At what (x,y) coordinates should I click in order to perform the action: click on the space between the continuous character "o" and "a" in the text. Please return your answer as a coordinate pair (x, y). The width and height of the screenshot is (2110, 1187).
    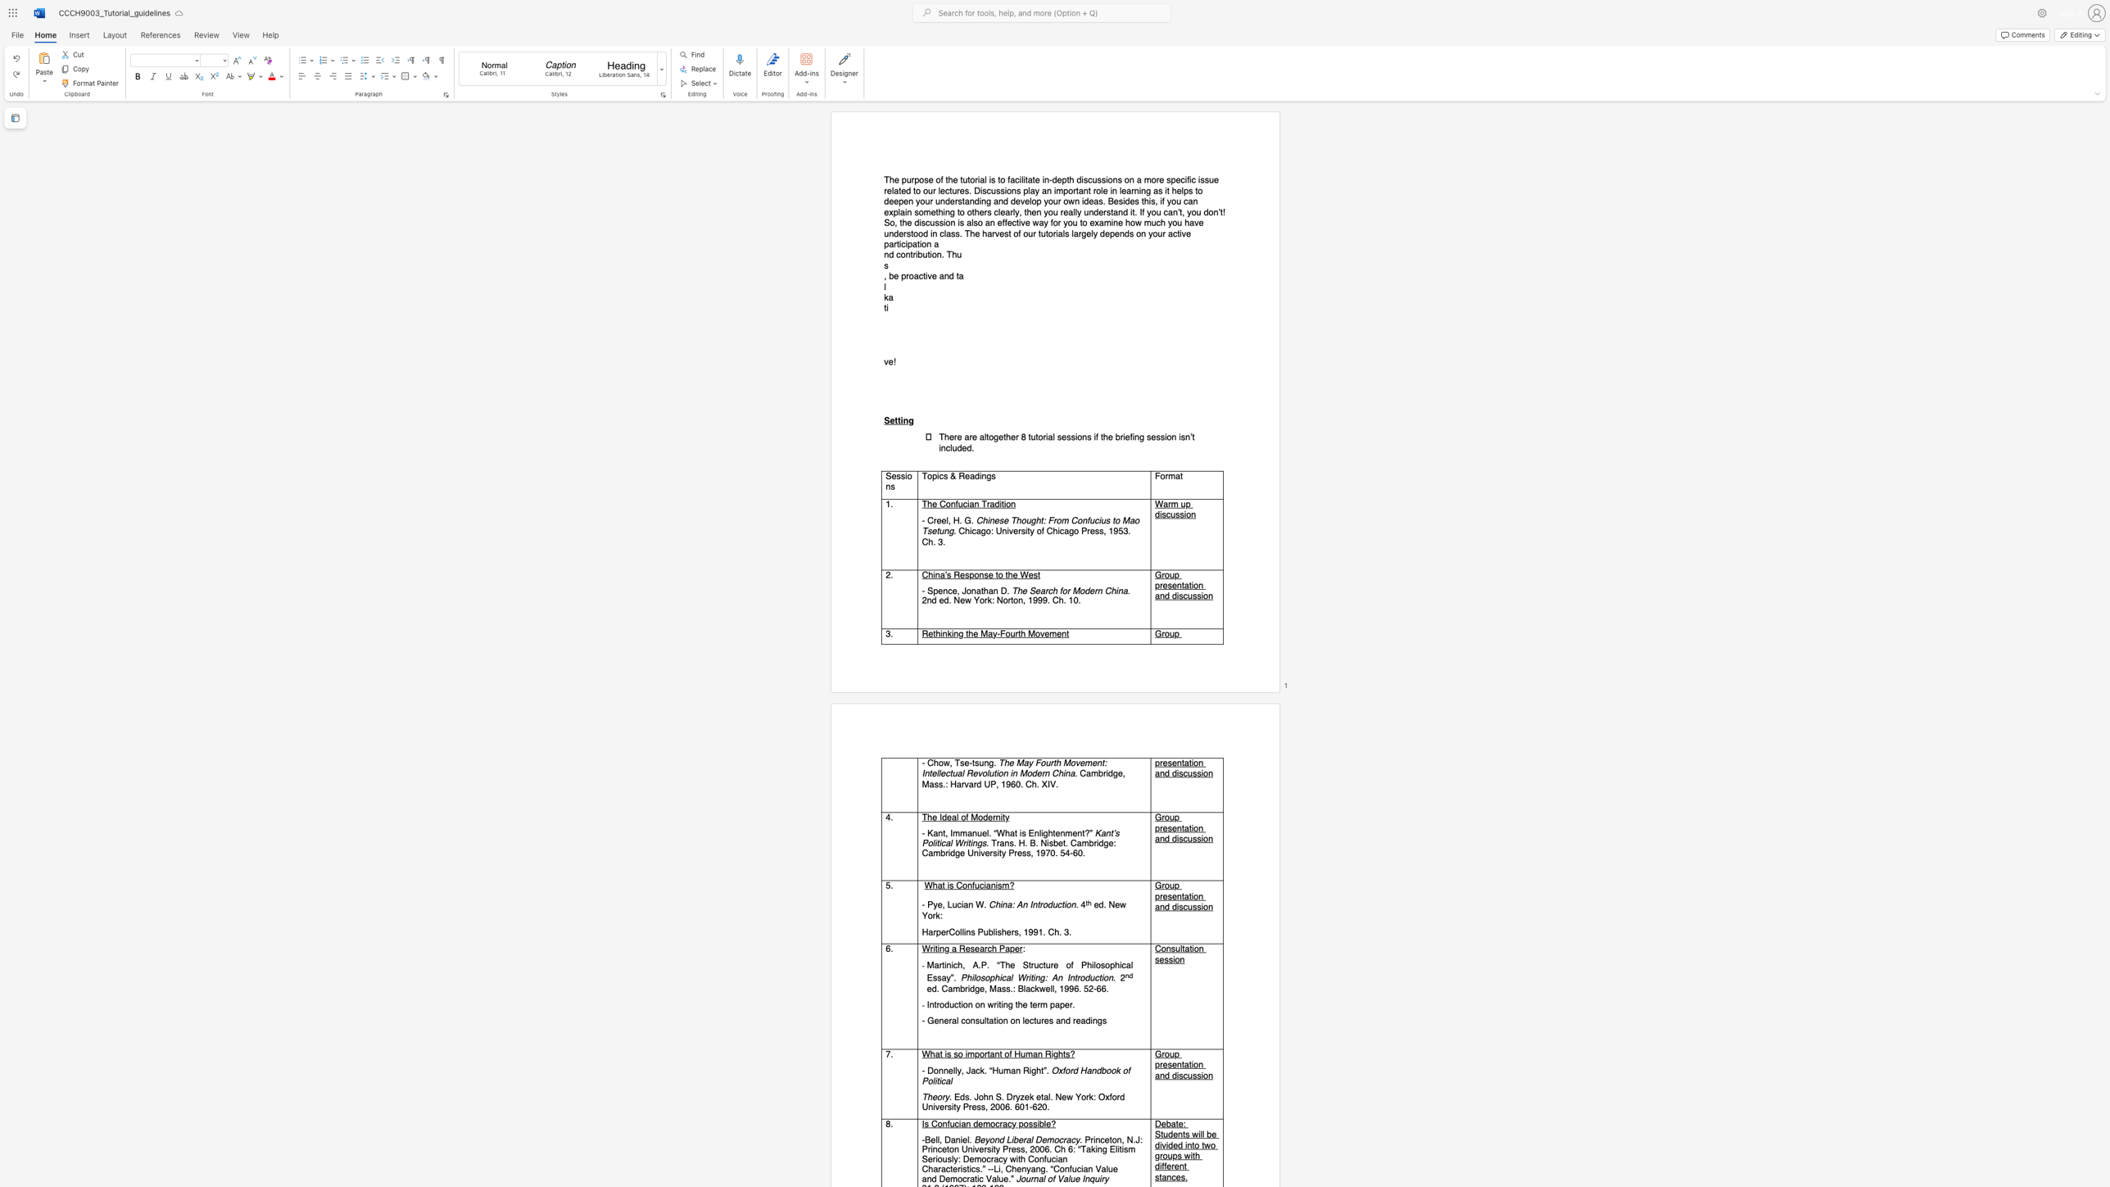
    Looking at the image, I should click on (913, 275).